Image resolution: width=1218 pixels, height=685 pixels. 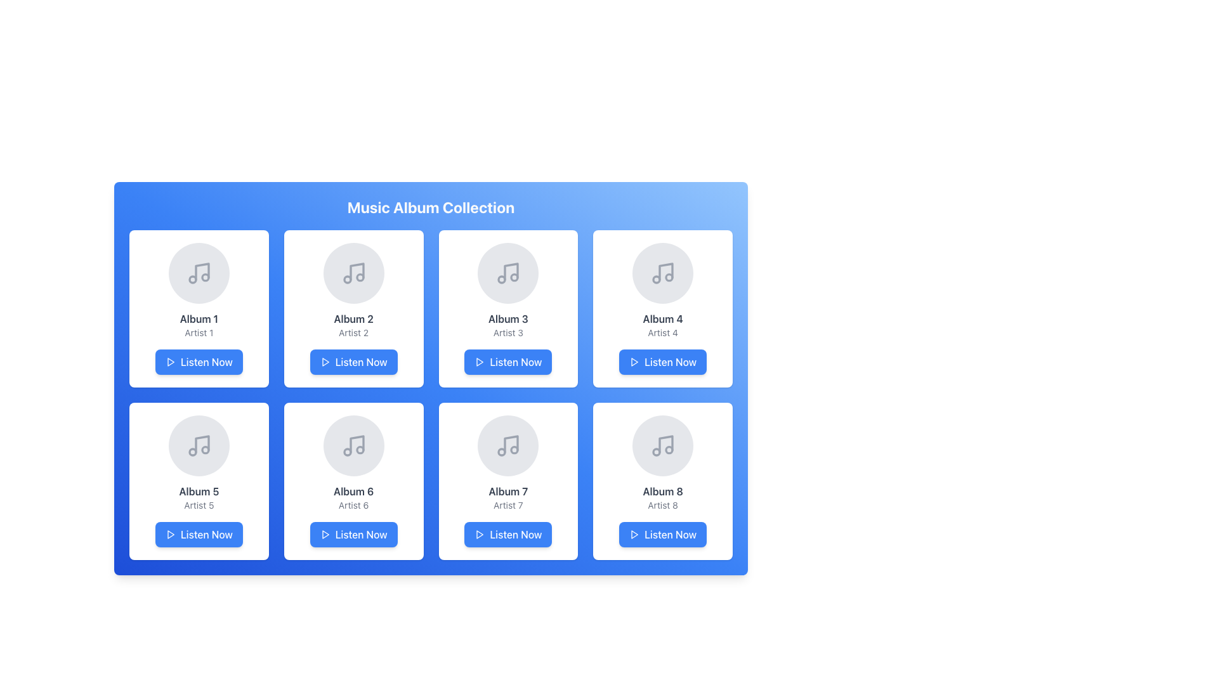 What do you see at coordinates (325, 535) in the screenshot?
I see `the triangular play icon located within the 'Listen Now' button of the sixth album card in the grid layout to play the album` at bounding box center [325, 535].